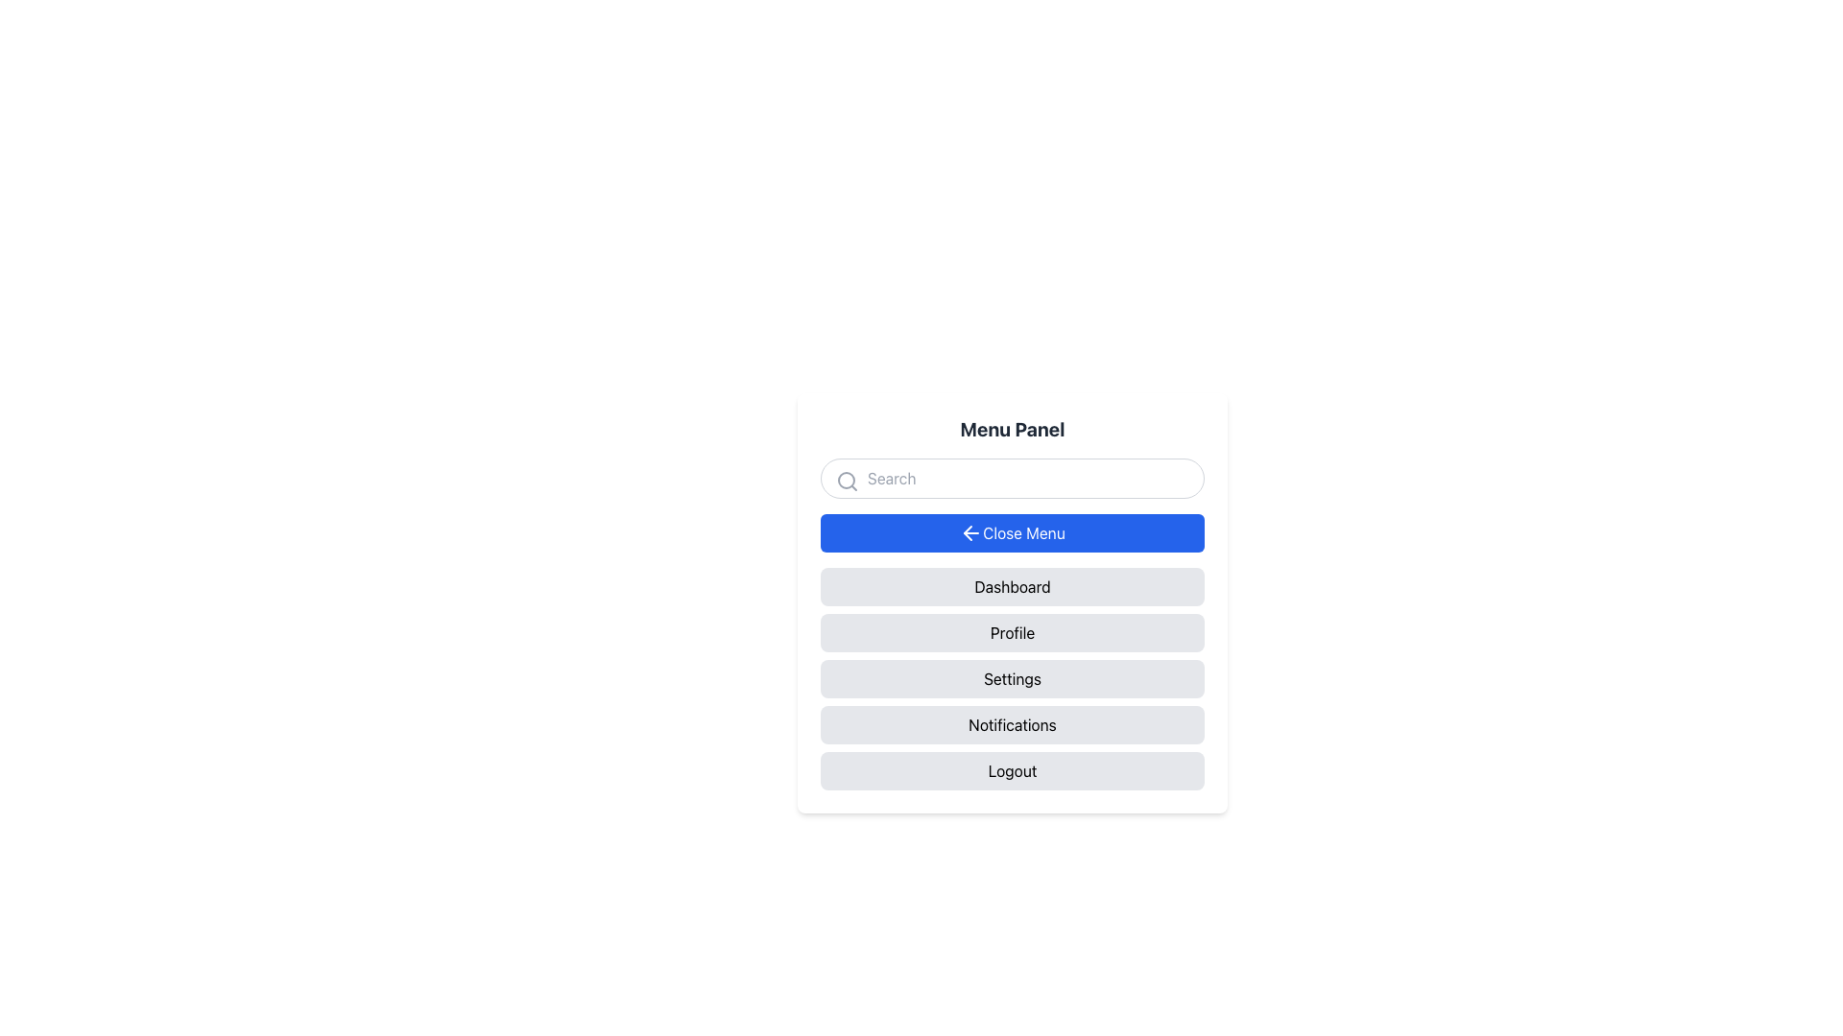  Describe the element at coordinates (1012, 769) in the screenshot. I see `the 'Logout' button located at the bottom of the vertical list of buttons to change its background color` at that location.